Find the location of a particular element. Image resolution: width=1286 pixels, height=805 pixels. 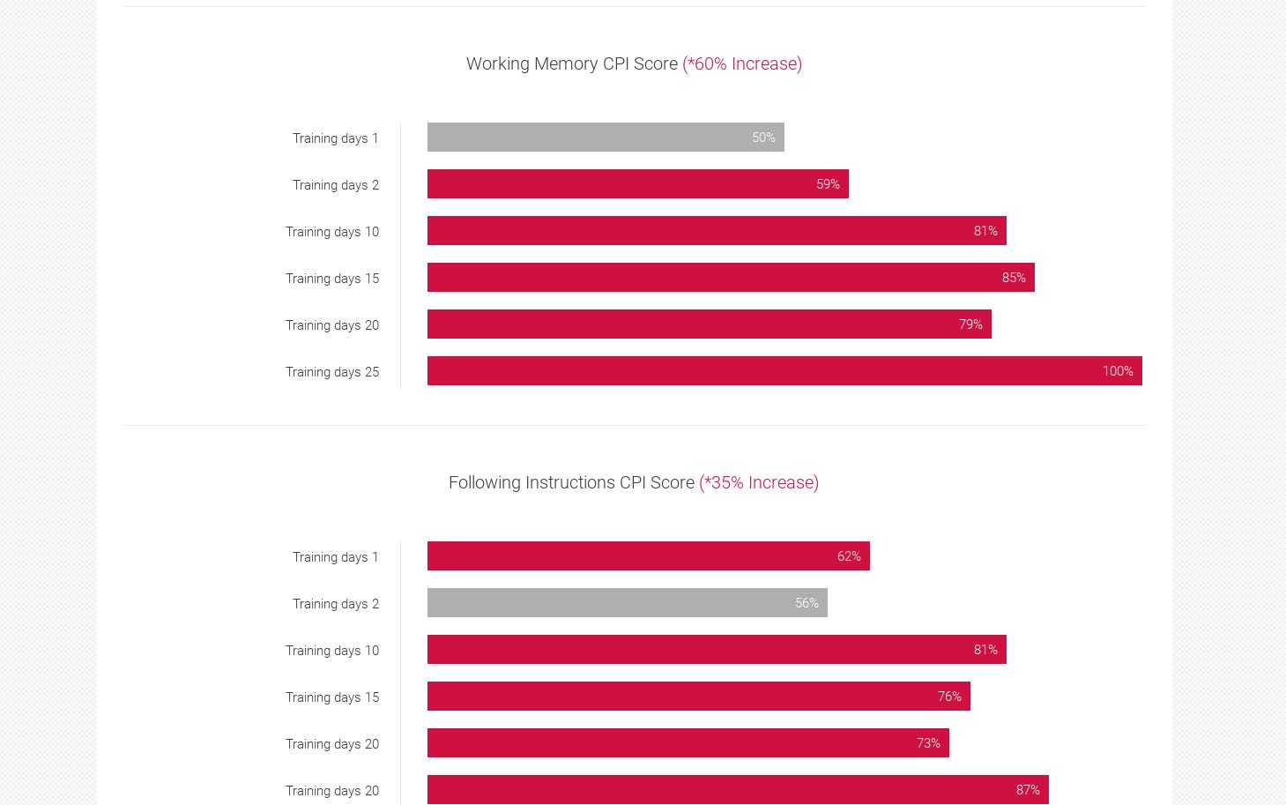

'59%' is located at coordinates (828, 183).